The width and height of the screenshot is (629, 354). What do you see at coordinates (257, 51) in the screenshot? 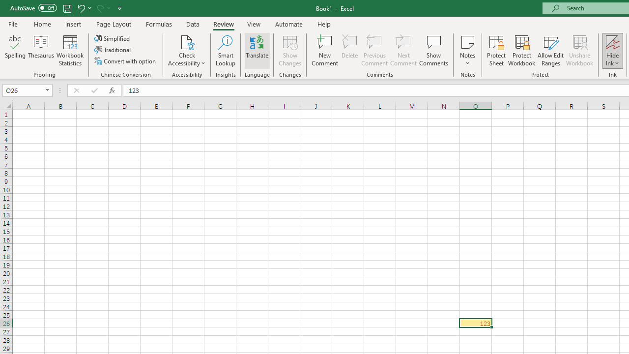
I see `'Translate'` at bounding box center [257, 51].